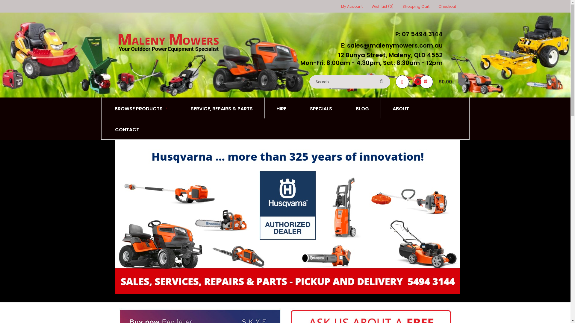  What do you see at coordinates (401, 108) in the screenshot?
I see `'ABOUT'` at bounding box center [401, 108].